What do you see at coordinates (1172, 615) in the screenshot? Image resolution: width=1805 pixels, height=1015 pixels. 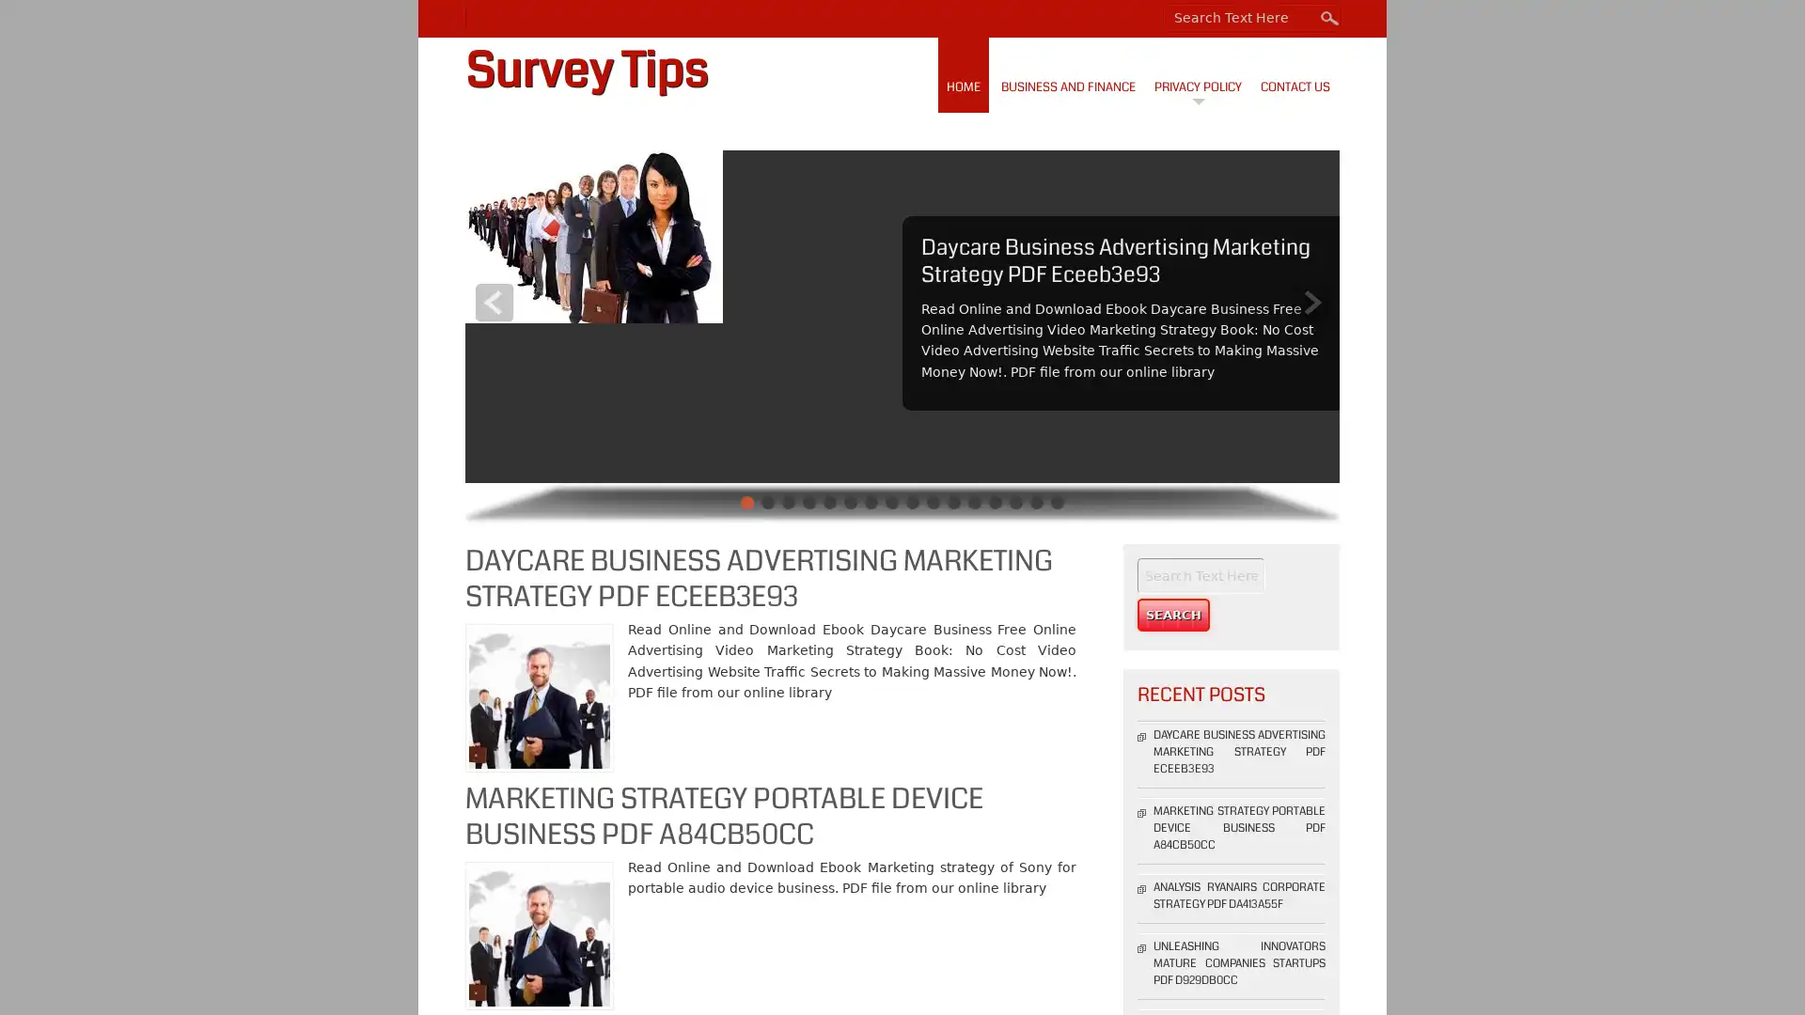 I see `Search` at bounding box center [1172, 615].